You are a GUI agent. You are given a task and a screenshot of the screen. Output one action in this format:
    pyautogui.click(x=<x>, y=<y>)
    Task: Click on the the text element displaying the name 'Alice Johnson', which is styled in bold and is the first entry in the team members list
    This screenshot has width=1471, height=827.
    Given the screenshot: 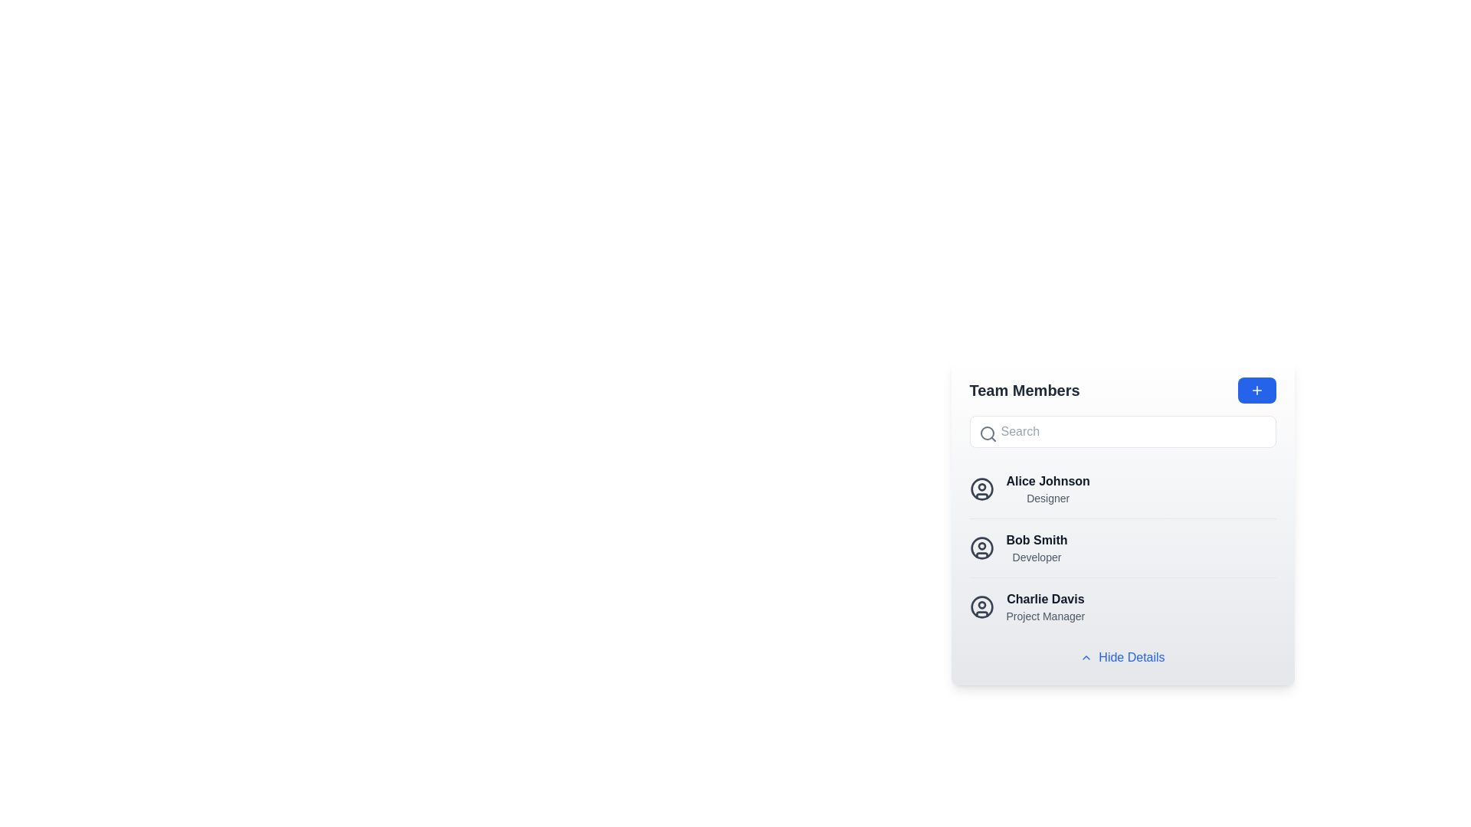 What is the action you would take?
    pyautogui.click(x=1047, y=480)
    